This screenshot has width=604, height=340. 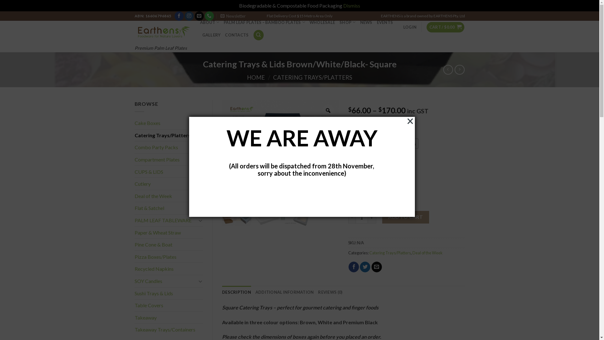 I want to click on 'ABOUT', so click(x=210, y=22).